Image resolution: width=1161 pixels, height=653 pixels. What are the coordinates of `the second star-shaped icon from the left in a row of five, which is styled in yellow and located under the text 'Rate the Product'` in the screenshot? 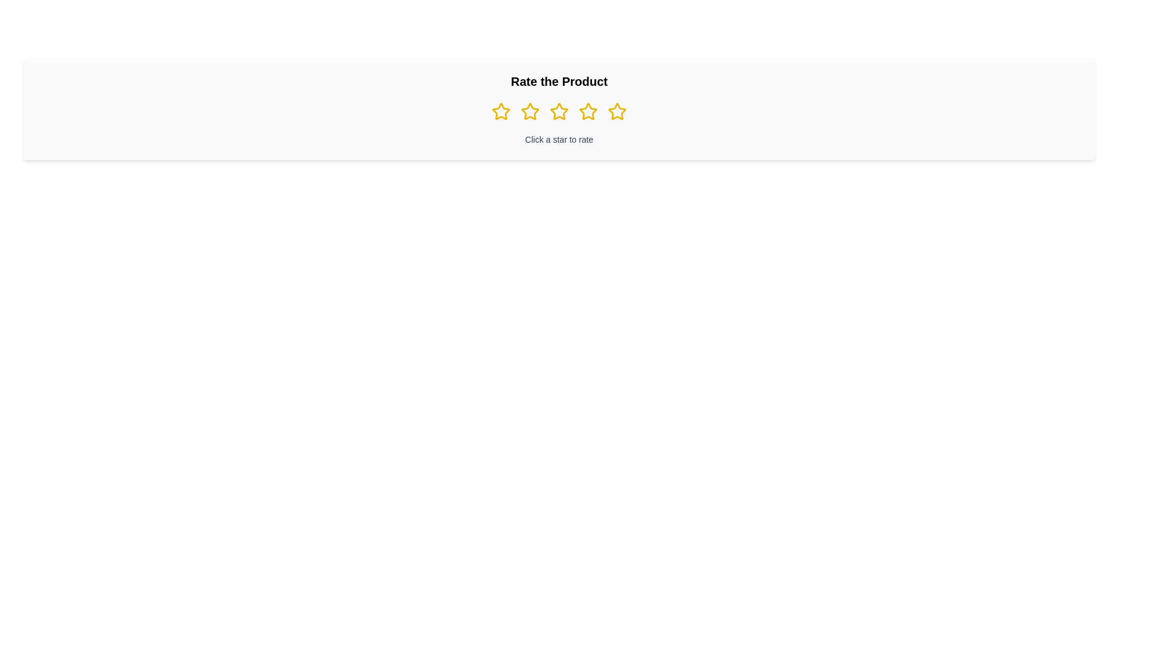 It's located at (530, 111).